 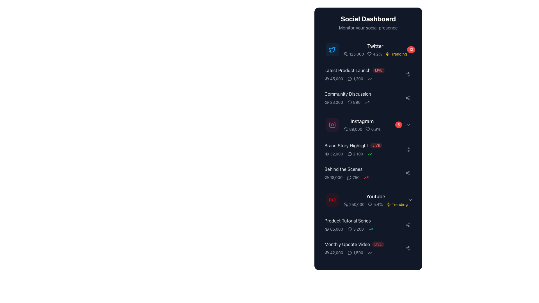 What do you see at coordinates (407, 173) in the screenshot?
I see `the share icon button, which is located in the 'Behind the Scenes' section of the dashboard, visually represented by three interconnected circles in a light gray color on a dark rectangular area` at bounding box center [407, 173].